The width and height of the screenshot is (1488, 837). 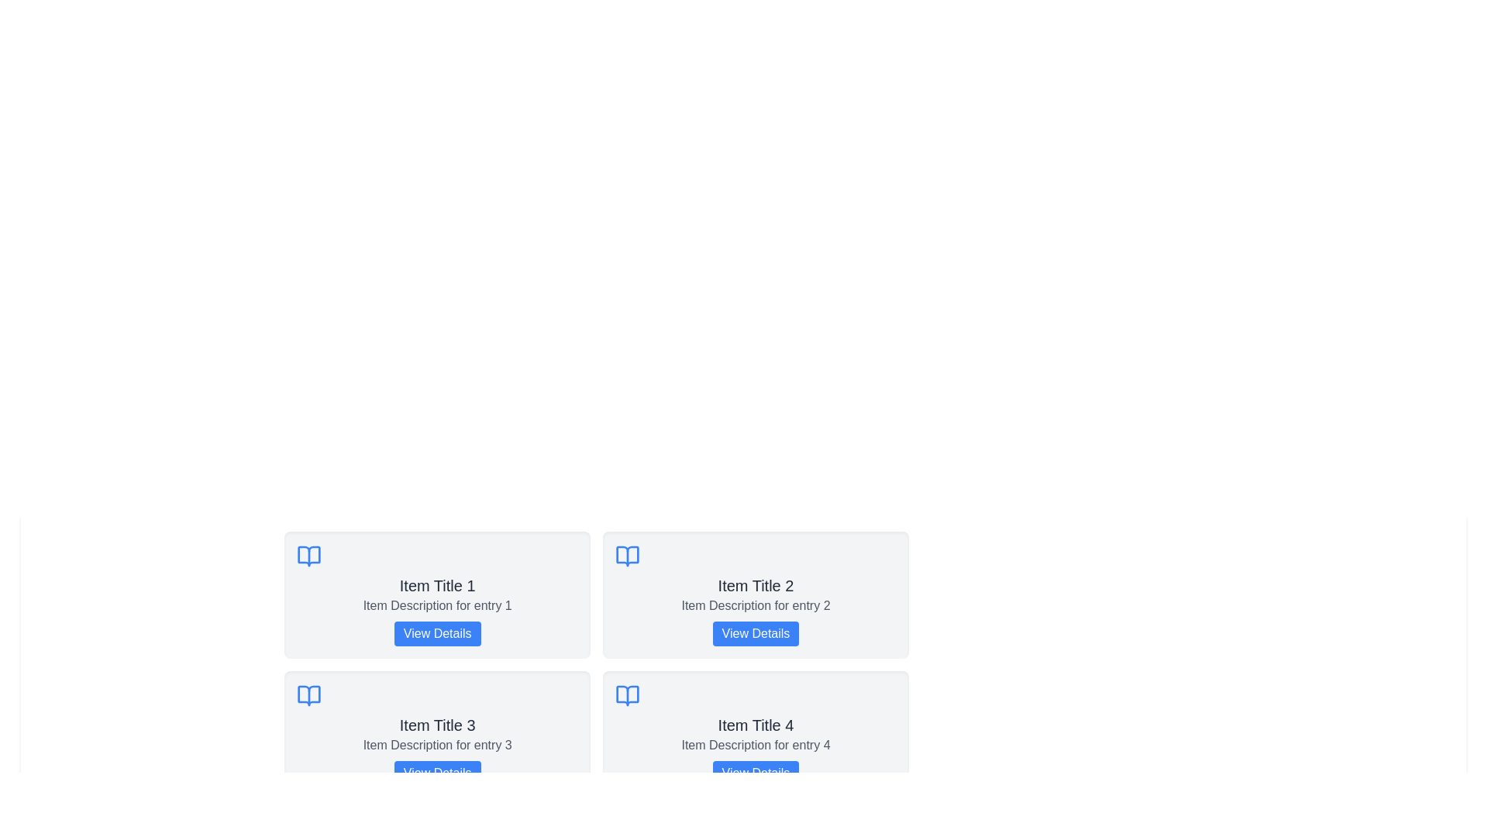 I want to click on the non-interactive text label providing additional information for 'Item Title 2', located in the middle section of the second card in the grid, so click(x=756, y=605).